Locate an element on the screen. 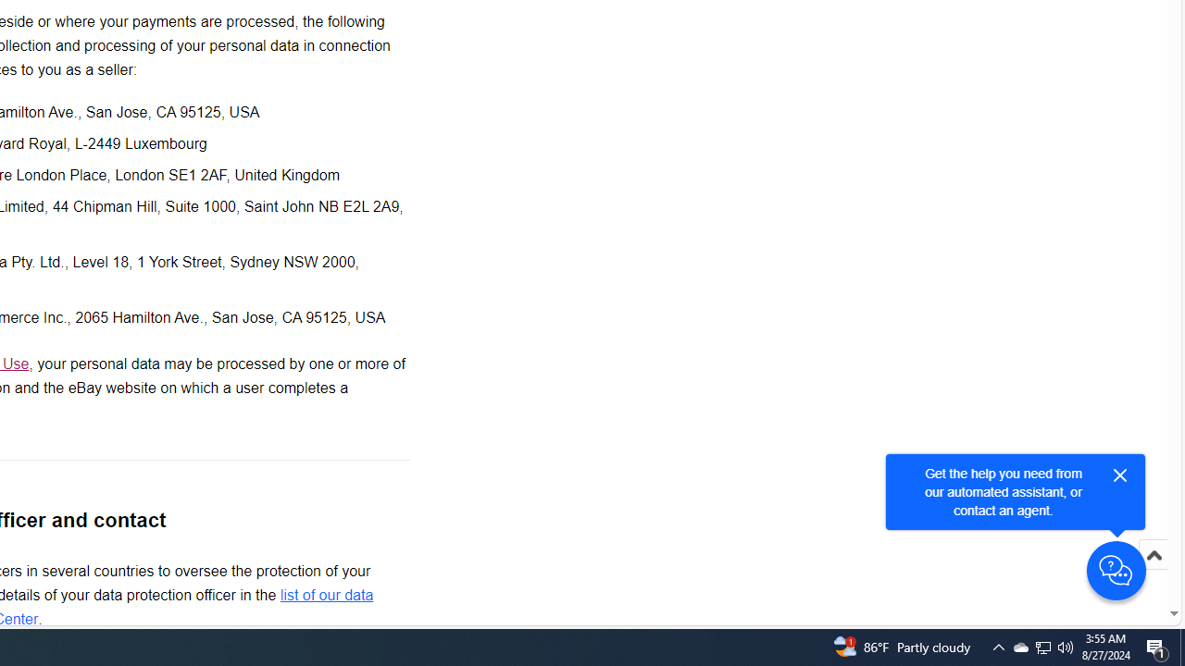  'Scroll to top' is located at coordinates (1153, 573).